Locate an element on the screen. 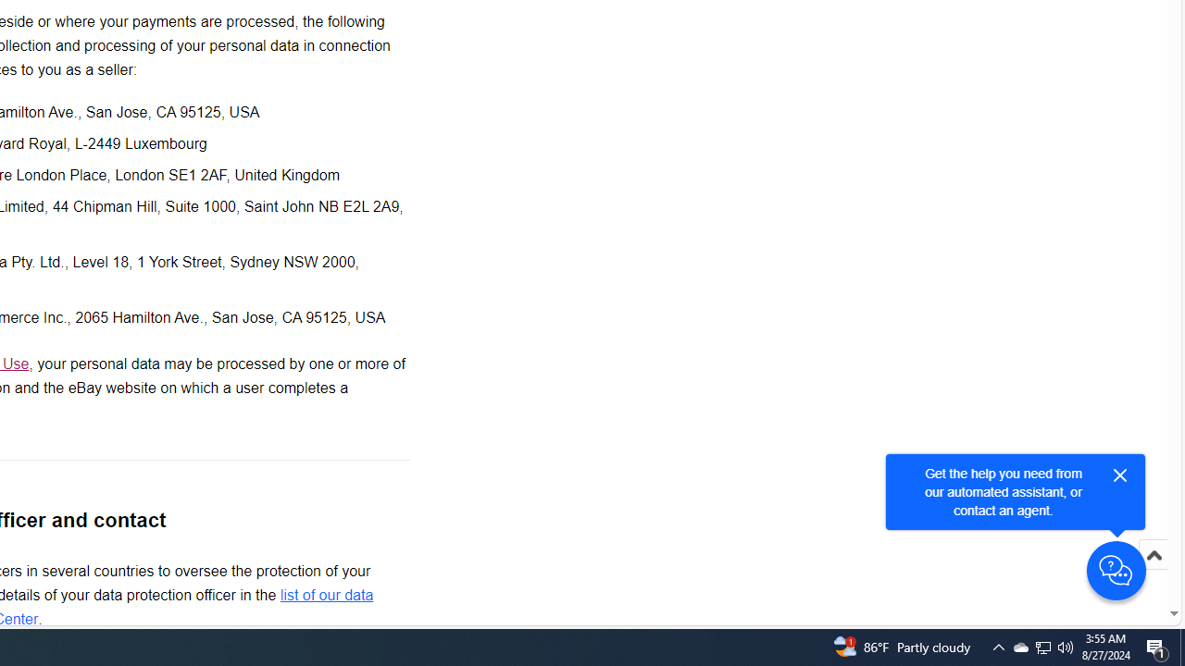  'Scroll to top' is located at coordinates (1153, 573).